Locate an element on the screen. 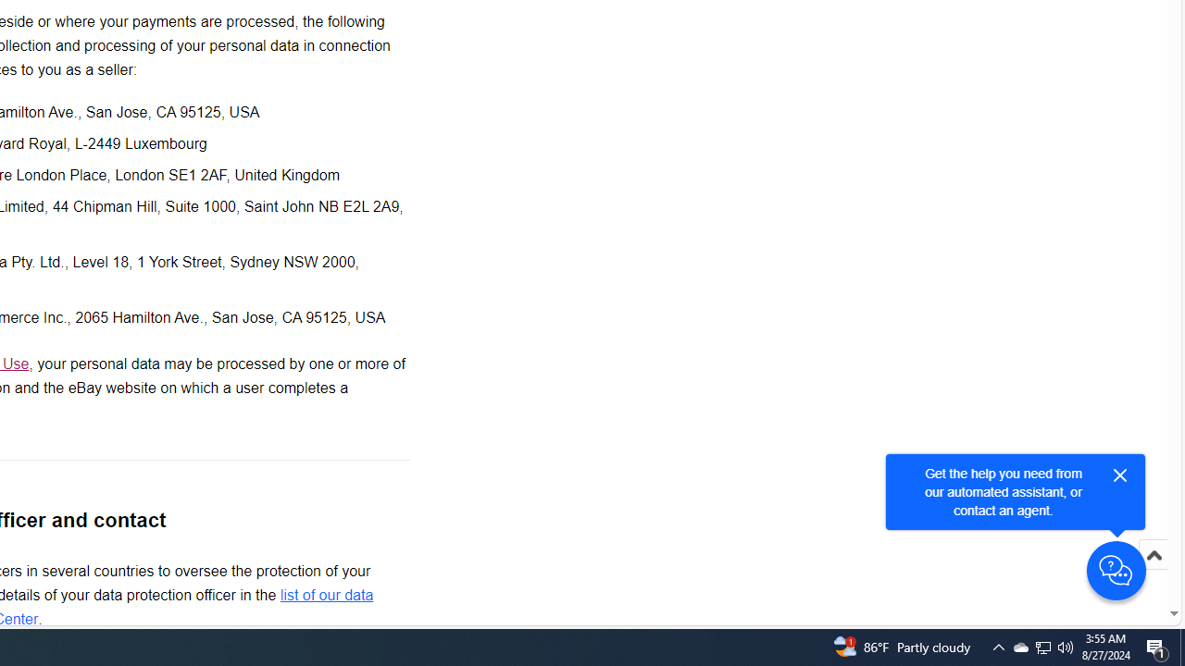  'Scroll to top' is located at coordinates (1153, 573).